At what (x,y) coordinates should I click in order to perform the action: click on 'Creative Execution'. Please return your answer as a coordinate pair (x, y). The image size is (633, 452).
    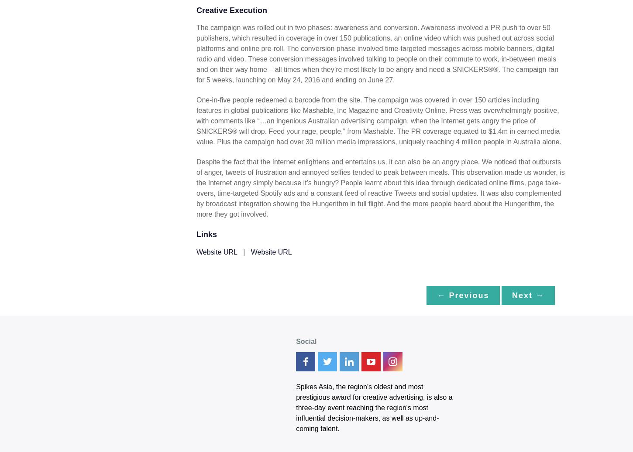
    Looking at the image, I should click on (231, 10).